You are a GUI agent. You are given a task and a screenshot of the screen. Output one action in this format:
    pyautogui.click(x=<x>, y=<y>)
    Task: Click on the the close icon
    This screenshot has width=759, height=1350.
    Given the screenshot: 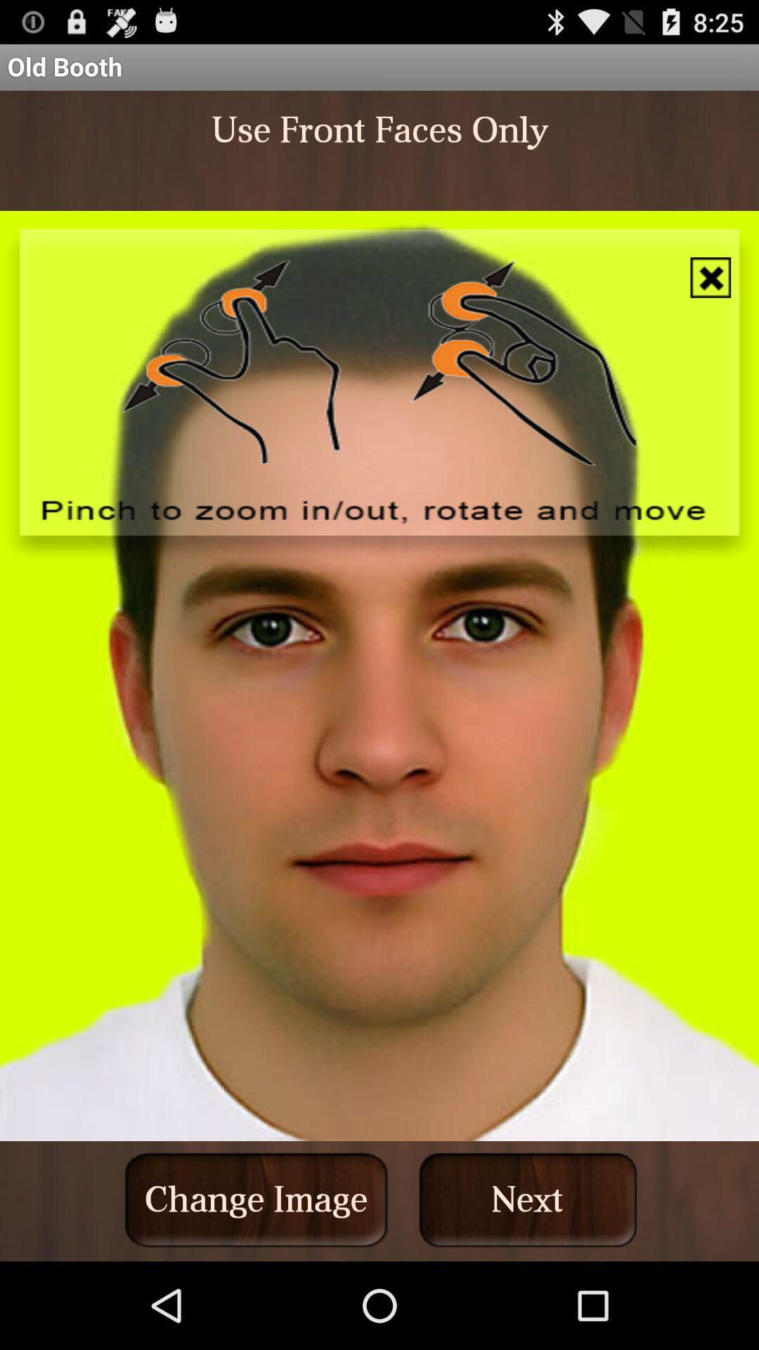 What is the action you would take?
    pyautogui.click(x=711, y=296)
    